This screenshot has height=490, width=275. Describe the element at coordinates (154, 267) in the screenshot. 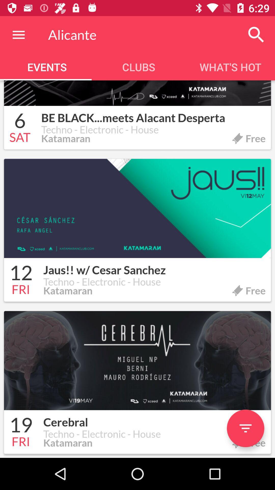

I see `jaus w cesar` at that location.